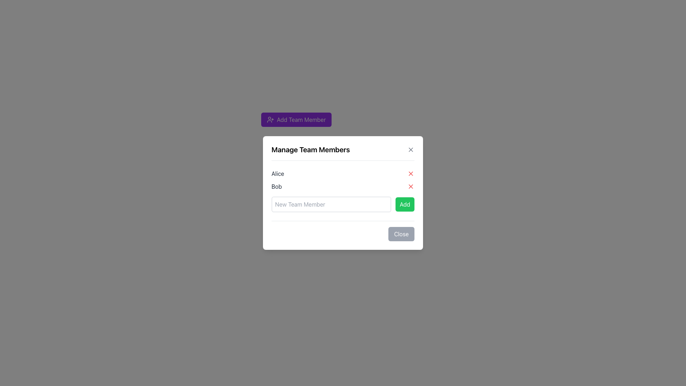  What do you see at coordinates (411, 149) in the screenshot?
I see `the Close button located on the far right of the 'Manage Team Members' dialog box to change its color` at bounding box center [411, 149].